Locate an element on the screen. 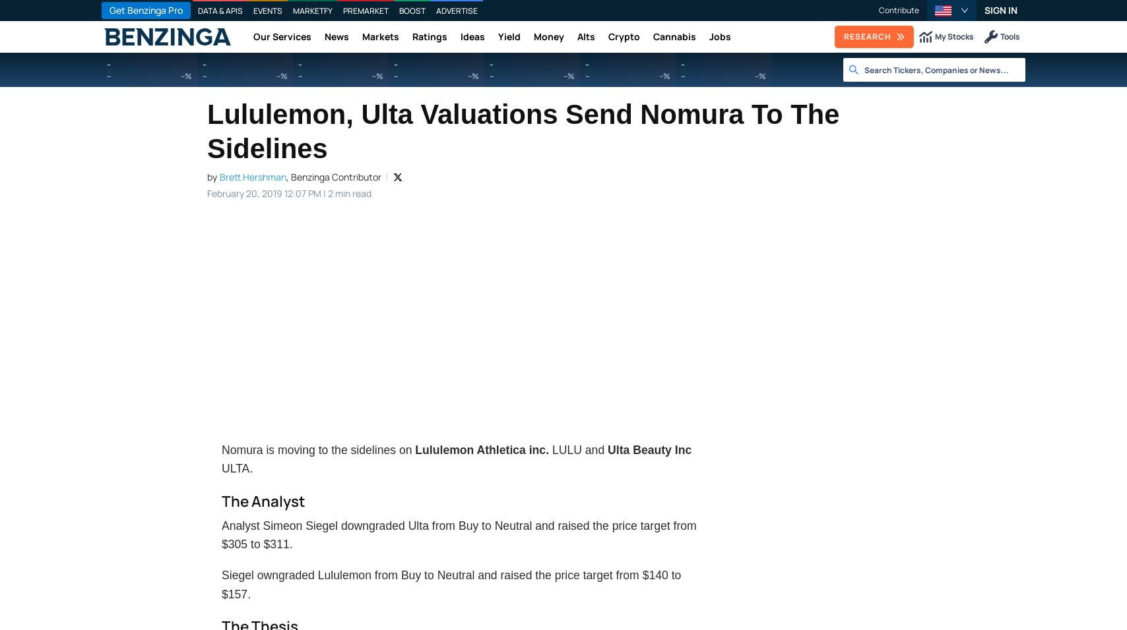  'News' is located at coordinates (337, 36).